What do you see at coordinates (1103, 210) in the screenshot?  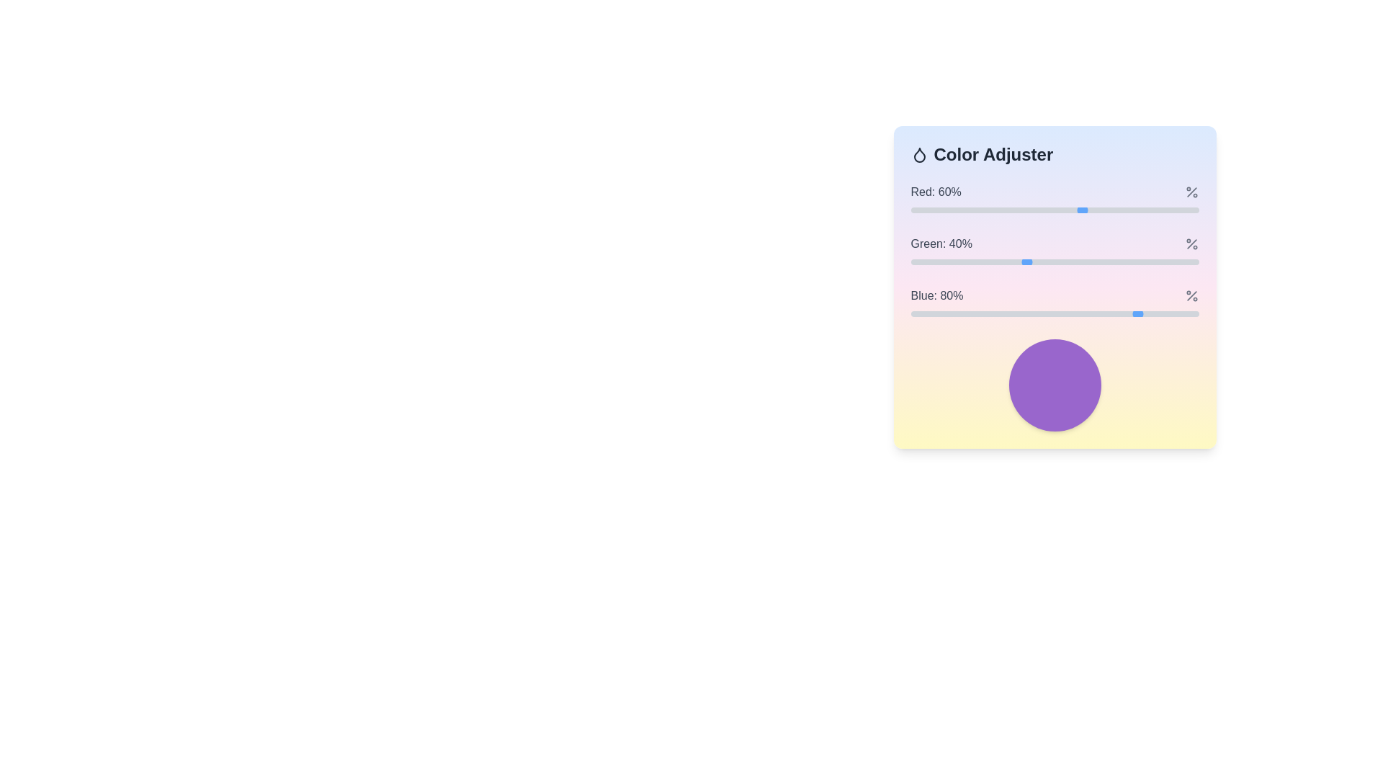 I see `the red color level to 67% by moving the slider` at bounding box center [1103, 210].